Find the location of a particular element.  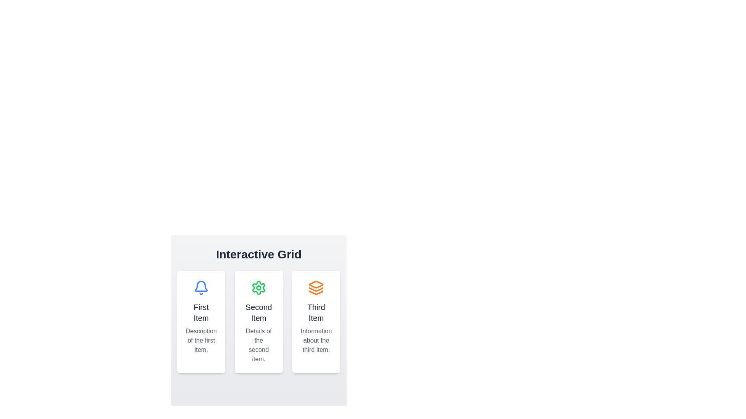

the decorative middle layer of the stack icon associated with the 'Third Item' in the grid layout is located at coordinates (316, 289).